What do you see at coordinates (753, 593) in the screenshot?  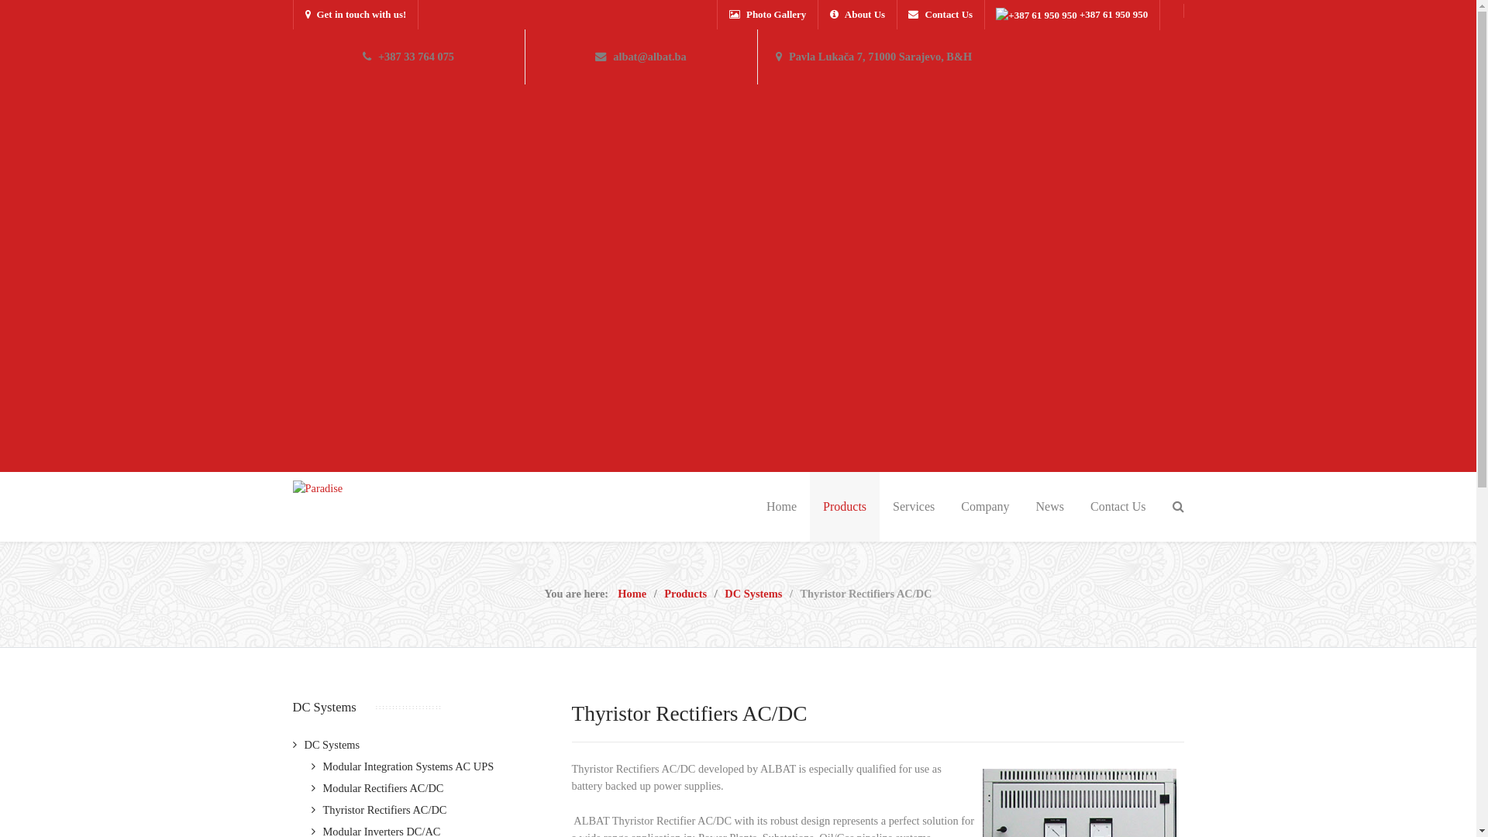 I see `'DC Systems'` at bounding box center [753, 593].